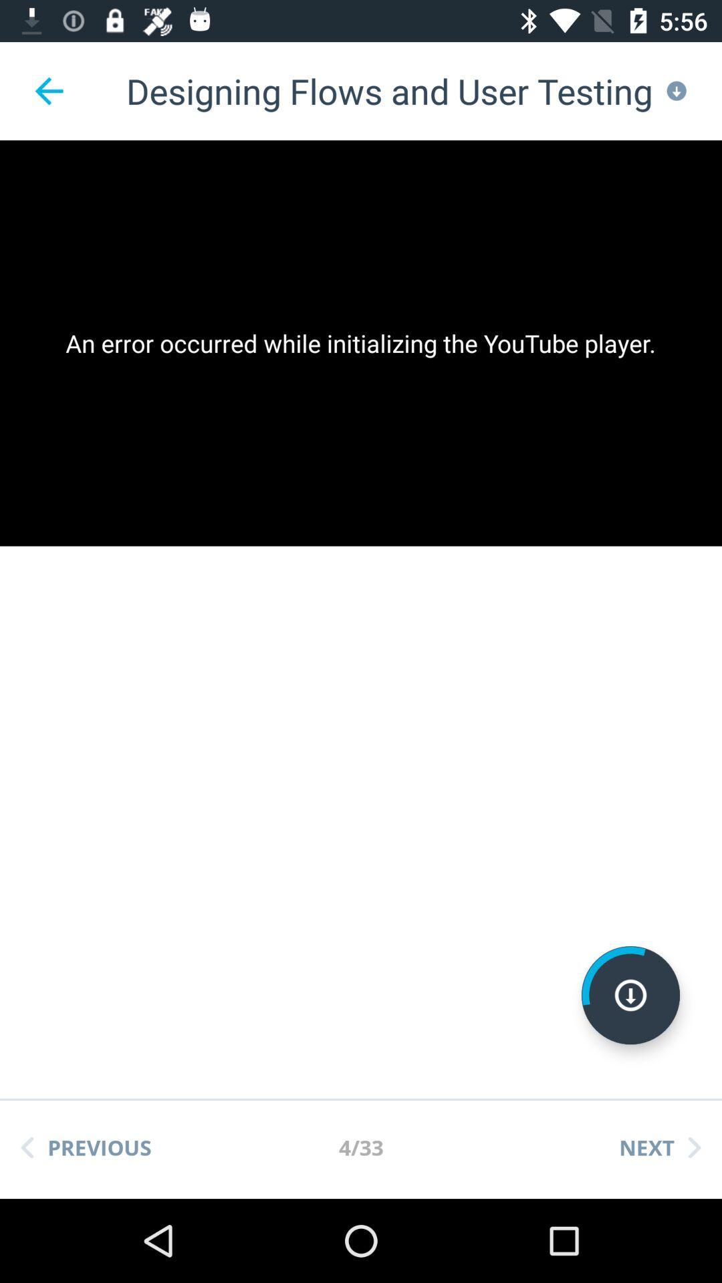 The width and height of the screenshot is (722, 1283). Describe the element at coordinates (630, 995) in the screenshot. I see `download video` at that location.